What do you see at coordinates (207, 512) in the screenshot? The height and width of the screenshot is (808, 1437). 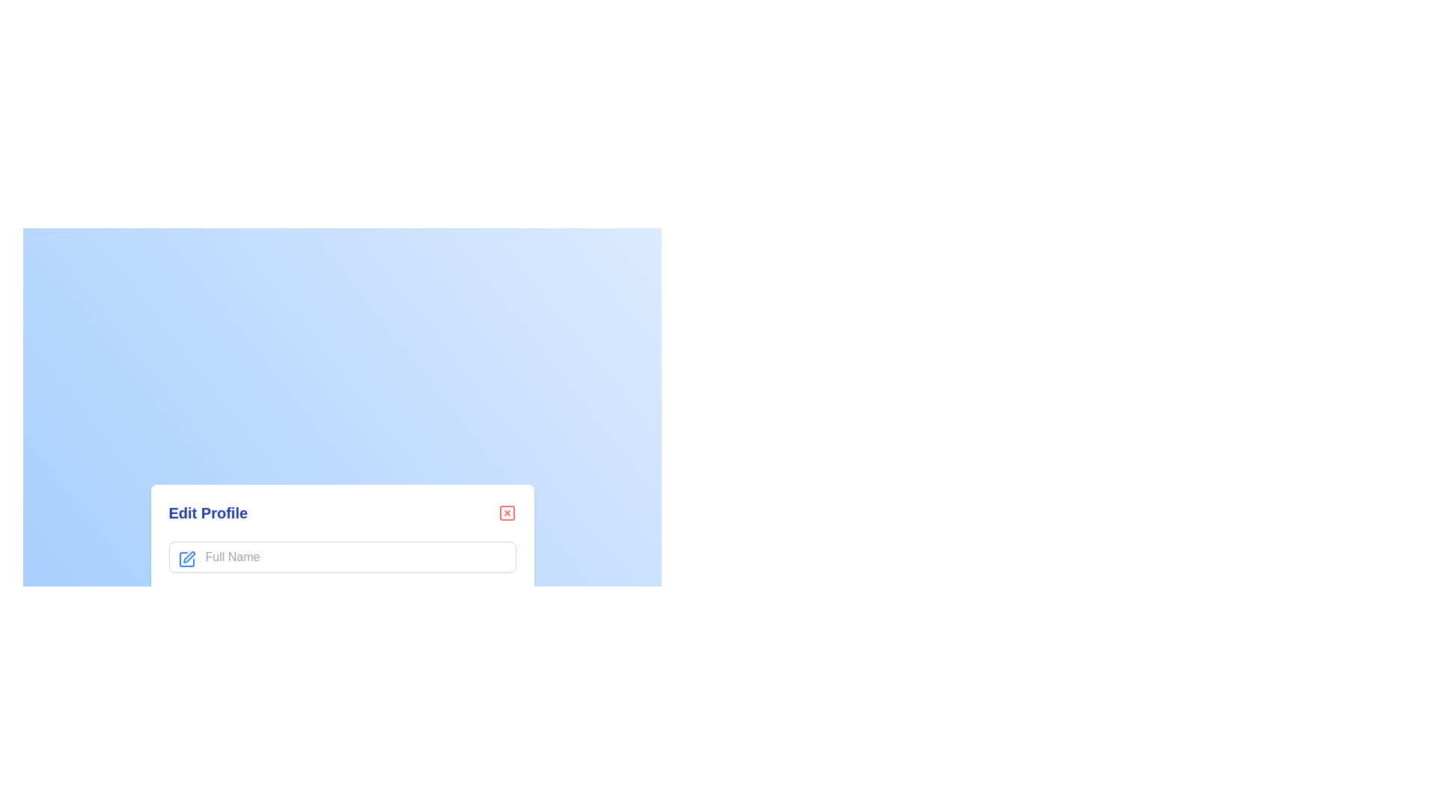 I see `the Text label located in the upper left corner of the profile editing section for potential tooltip or styling changes` at bounding box center [207, 512].